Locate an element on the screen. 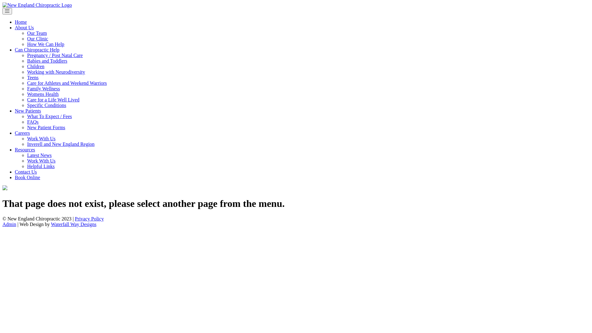 The width and height of the screenshot is (592, 333). 'Admin' is located at coordinates (9, 224).